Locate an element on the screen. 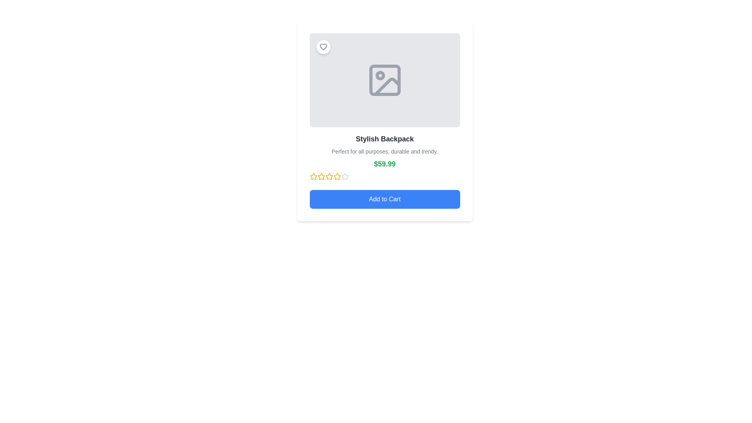  the first yellow star icon in the rating stars group is located at coordinates (313, 177).